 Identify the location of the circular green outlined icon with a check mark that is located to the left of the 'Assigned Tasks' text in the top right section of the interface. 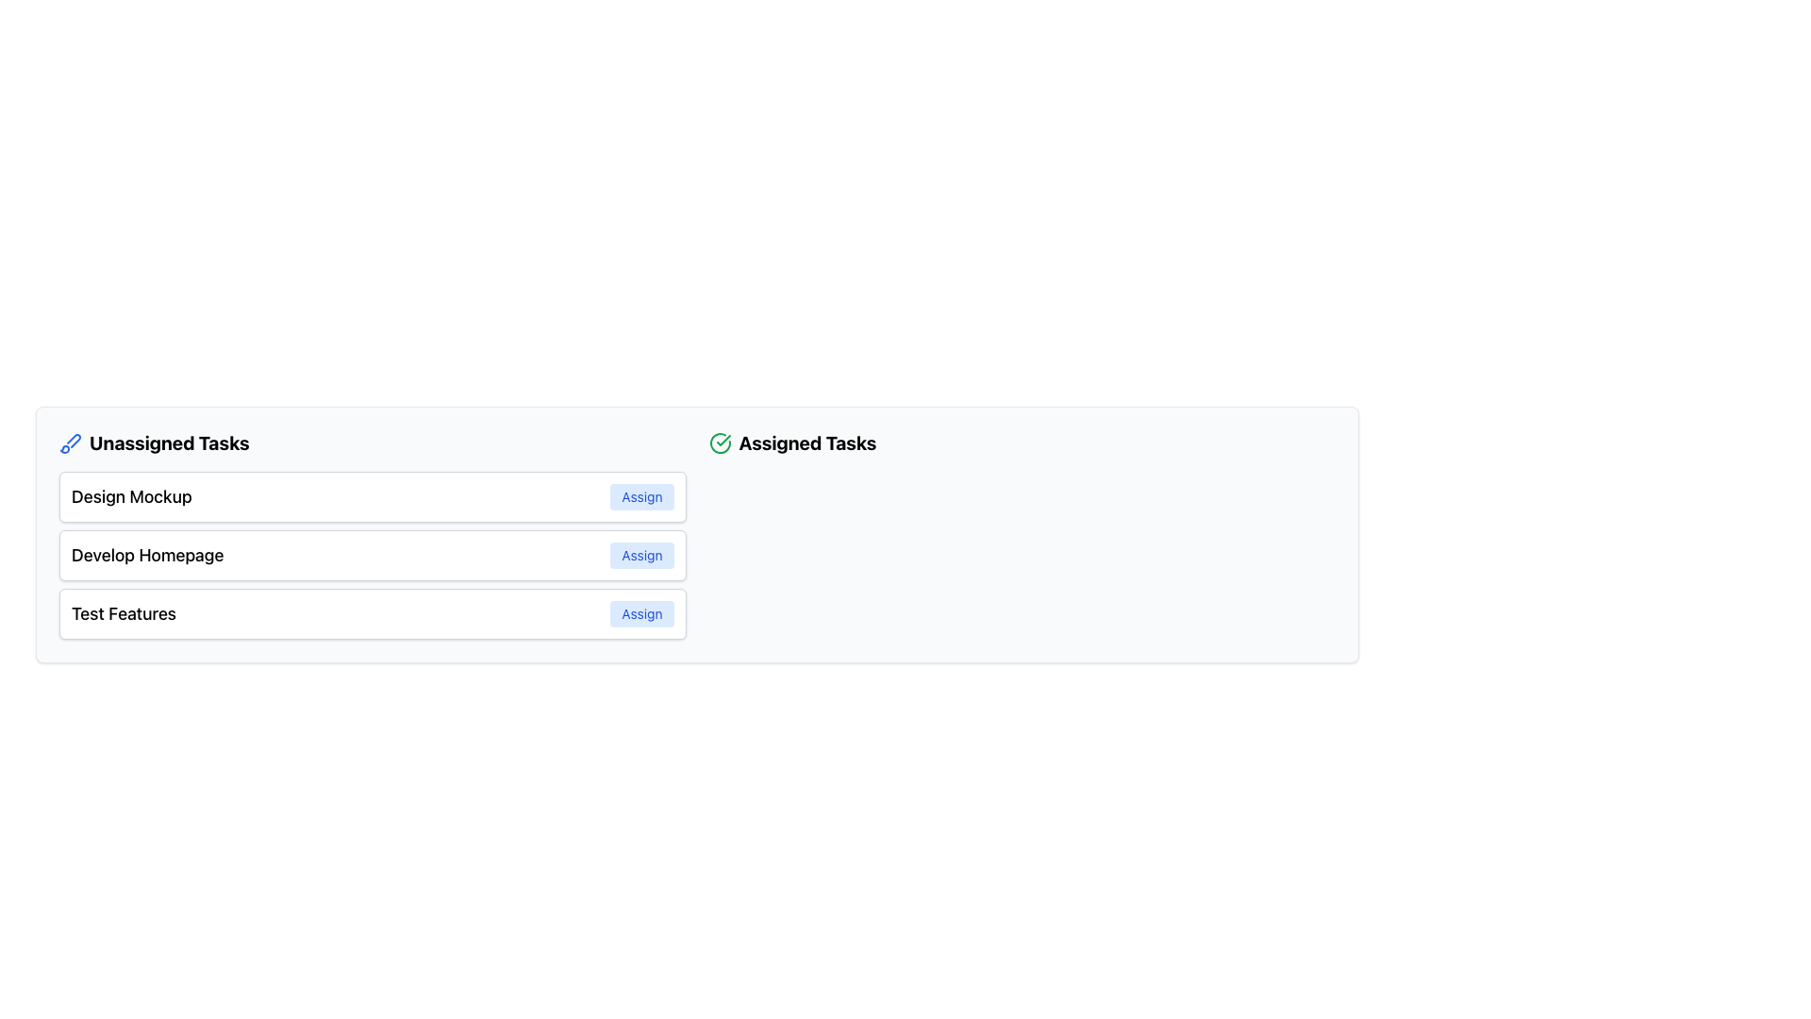
(719, 443).